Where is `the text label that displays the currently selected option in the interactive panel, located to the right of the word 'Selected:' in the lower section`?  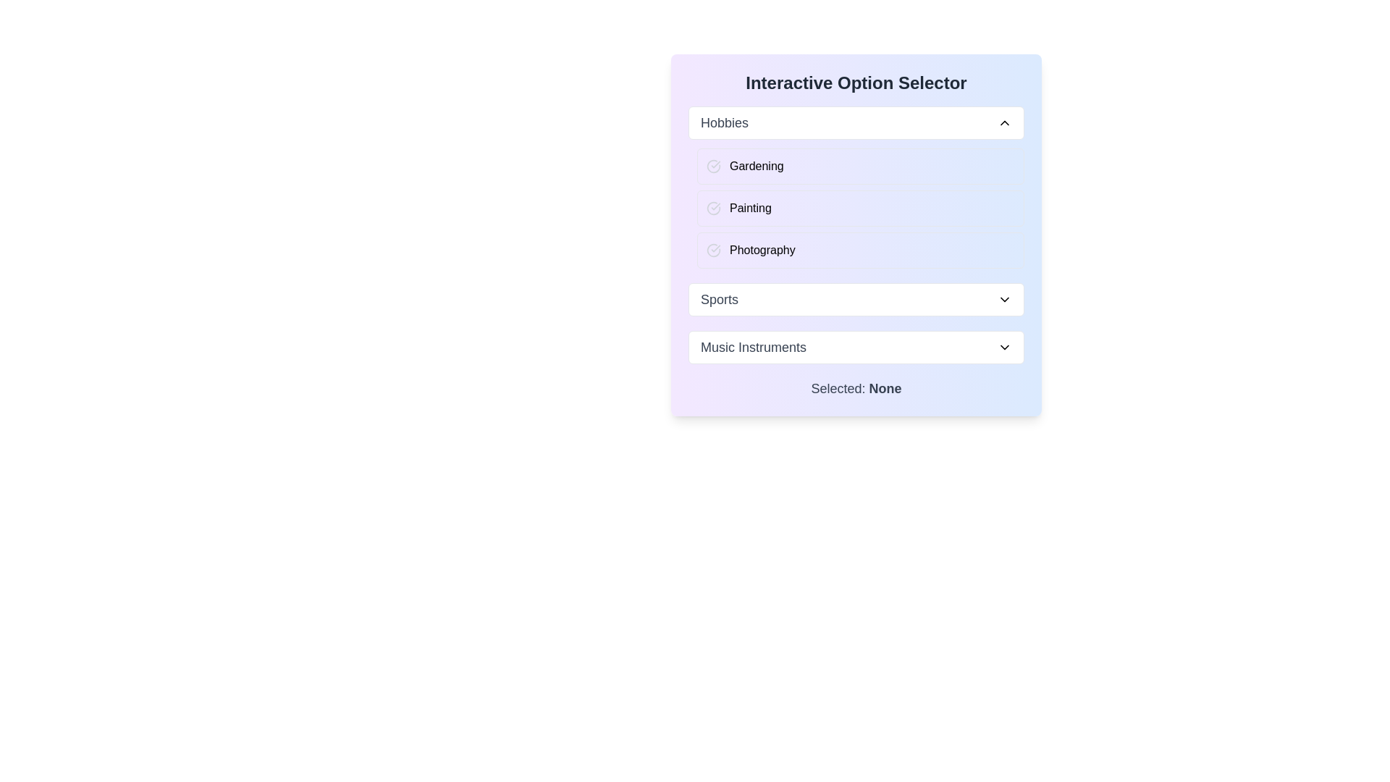
the text label that displays the currently selected option in the interactive panel, located to the right of the word 'Selected:' in the lower section is located at coordinates (885, 387).